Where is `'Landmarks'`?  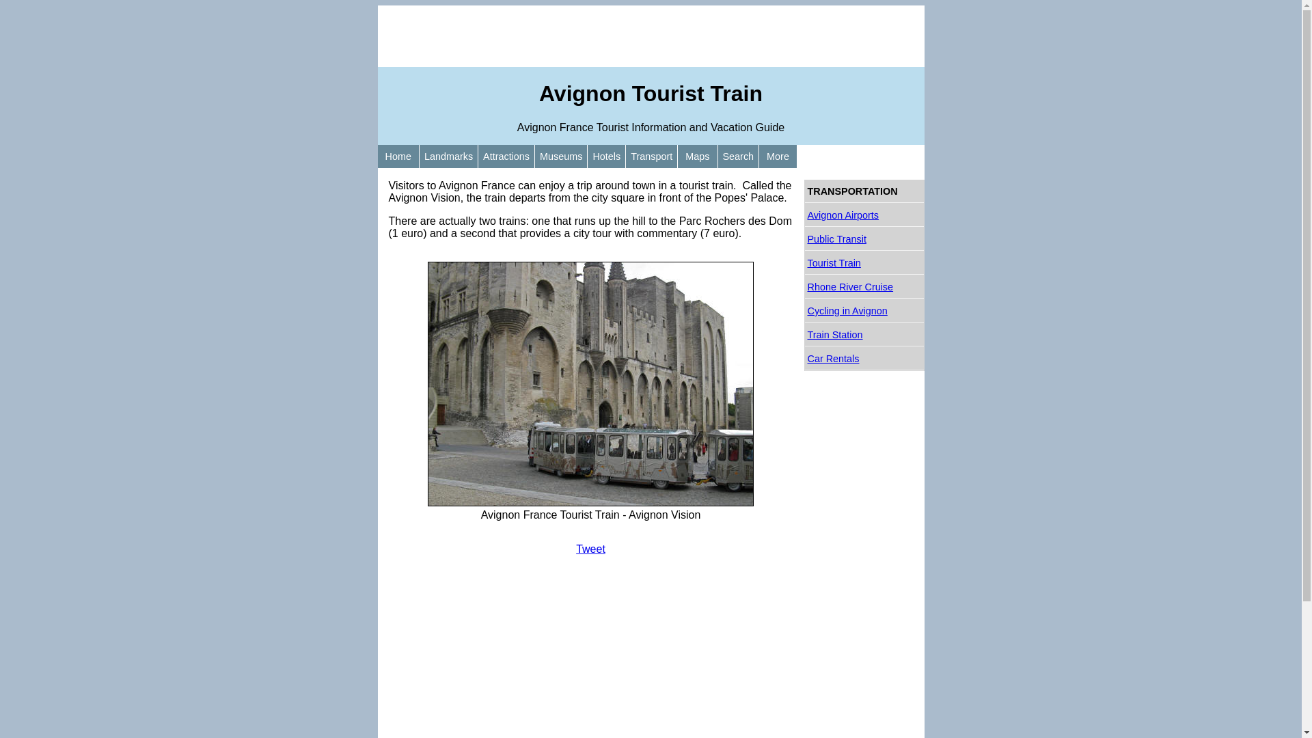
'Landmarks' is located at coordinates (448, 155).